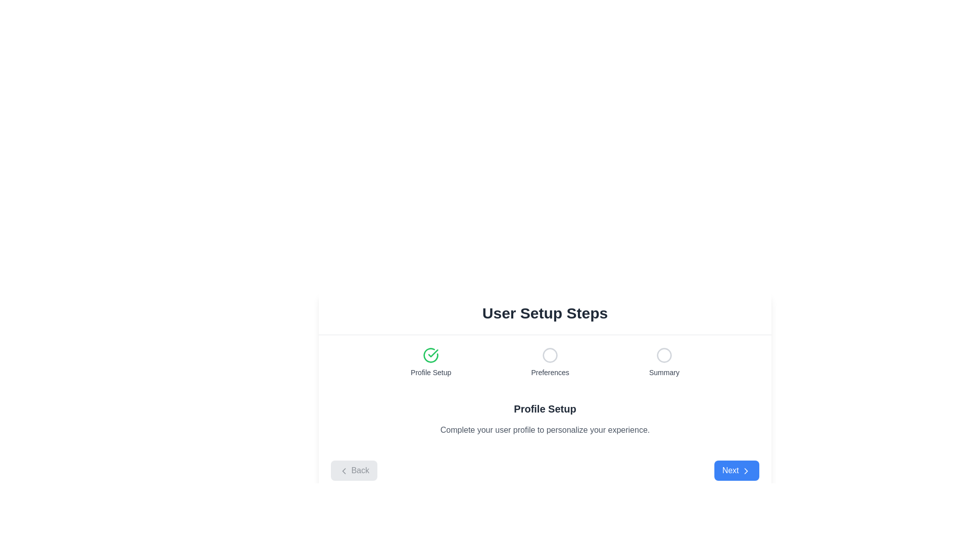 The width and height of the screenshot is (970, 546). Describe the element at coordinates (664, 372) in the screenshot. I see `the 'Summary' label in the third step of the horizontal progress stepper, which is located centrally below the circular placeholder icon` at that location.